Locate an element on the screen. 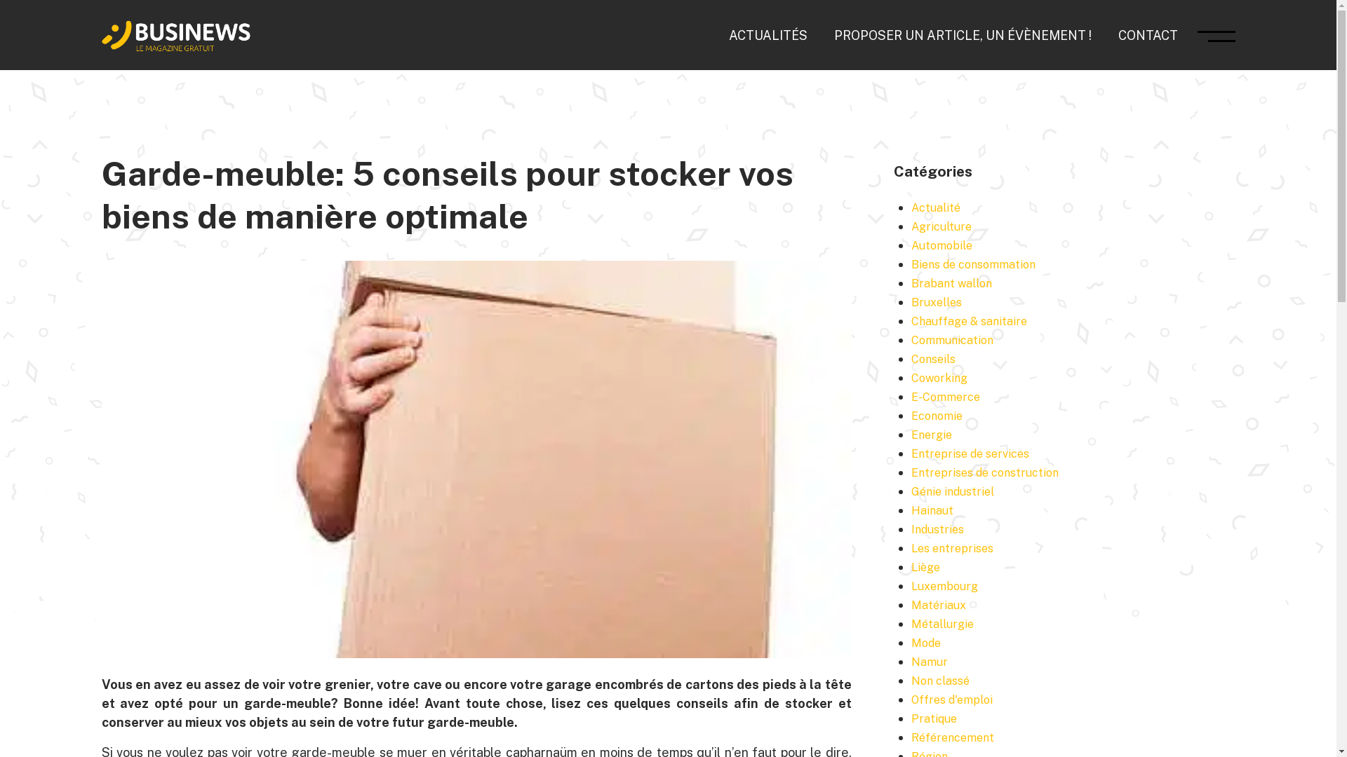  'CONTACT' is located at coordinates (1148, 34).